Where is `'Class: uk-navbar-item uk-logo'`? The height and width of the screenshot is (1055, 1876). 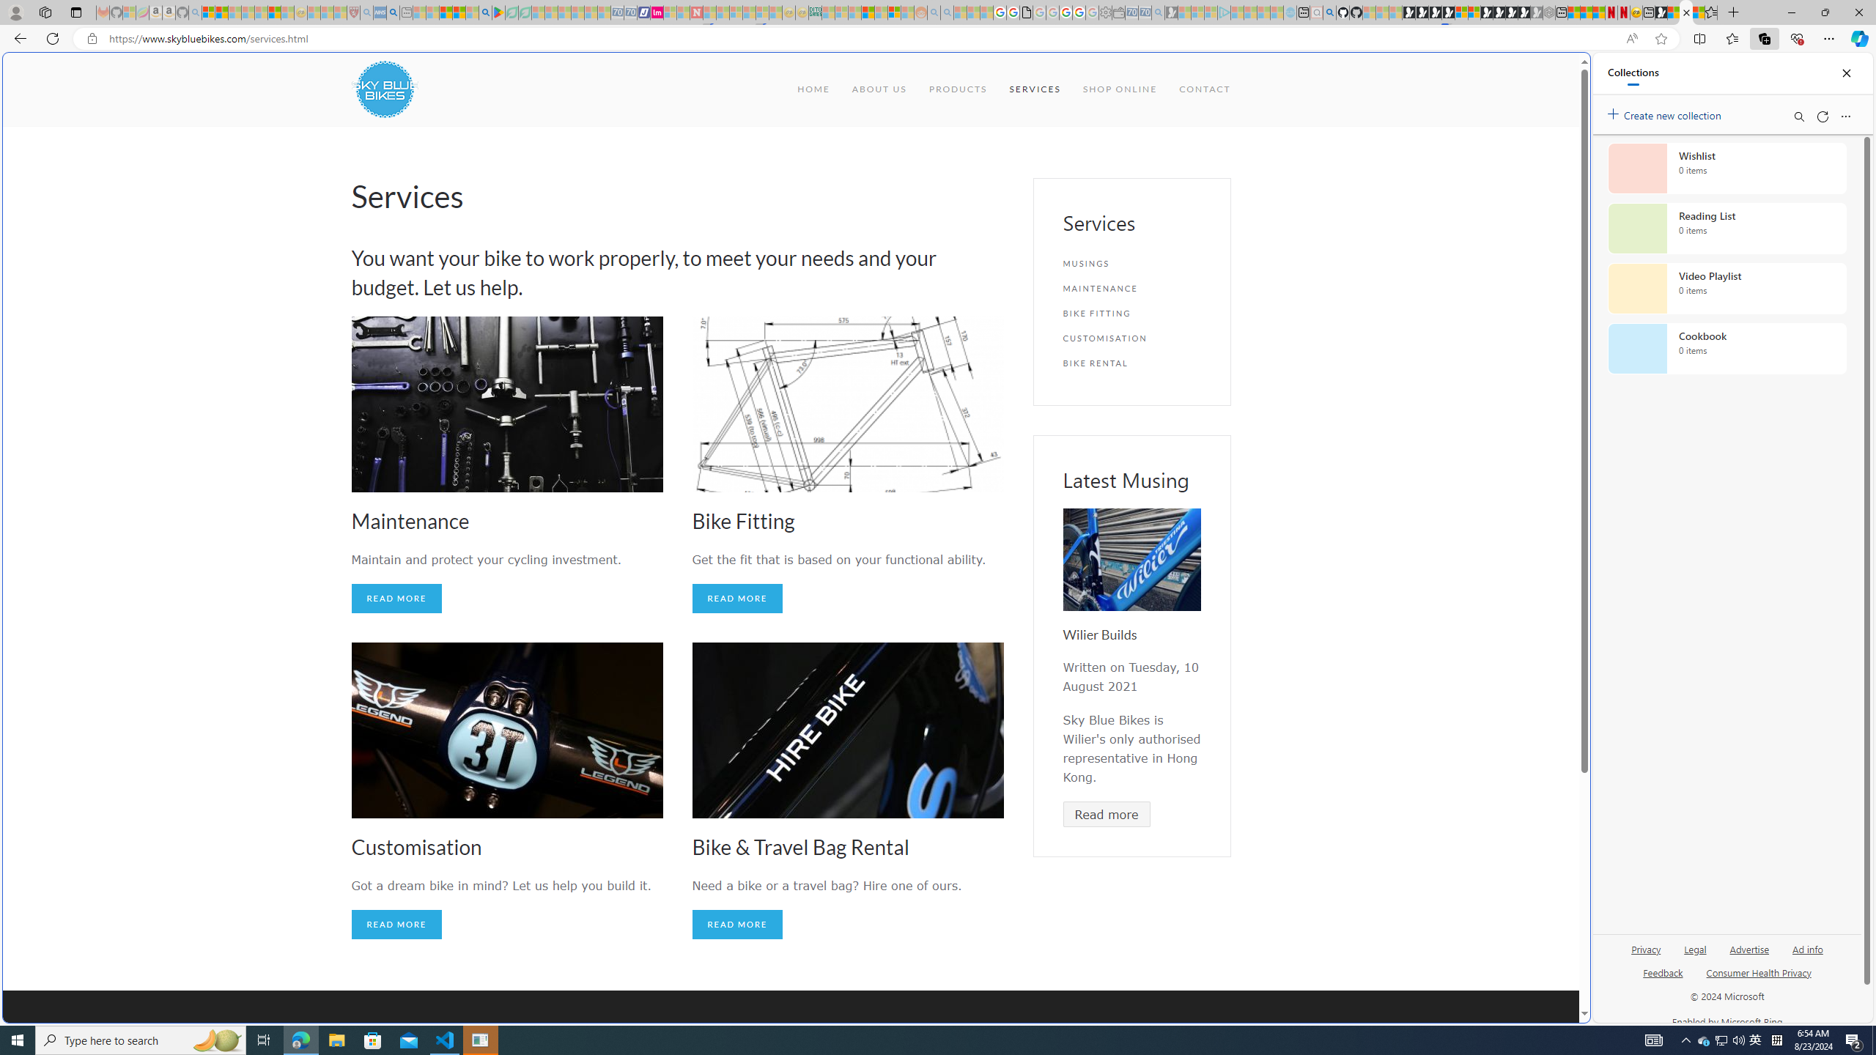
'Class: uk-navbar-item uk-logo' is located at coordinates (383, 88).